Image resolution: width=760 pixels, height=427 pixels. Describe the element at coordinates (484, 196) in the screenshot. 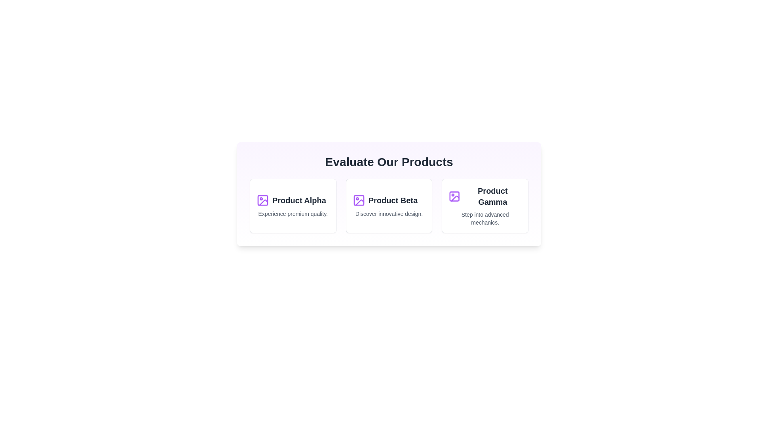

I see `the 'Product Gamma' title text label within the third product card layout, which is positioned under the 'Evaluate Our Products' heading` at that location.